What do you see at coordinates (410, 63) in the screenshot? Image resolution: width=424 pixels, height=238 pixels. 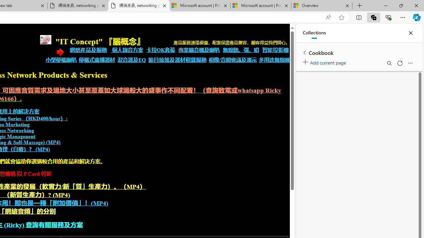 I see `'More options menu'` at bounding box center [410, 63].